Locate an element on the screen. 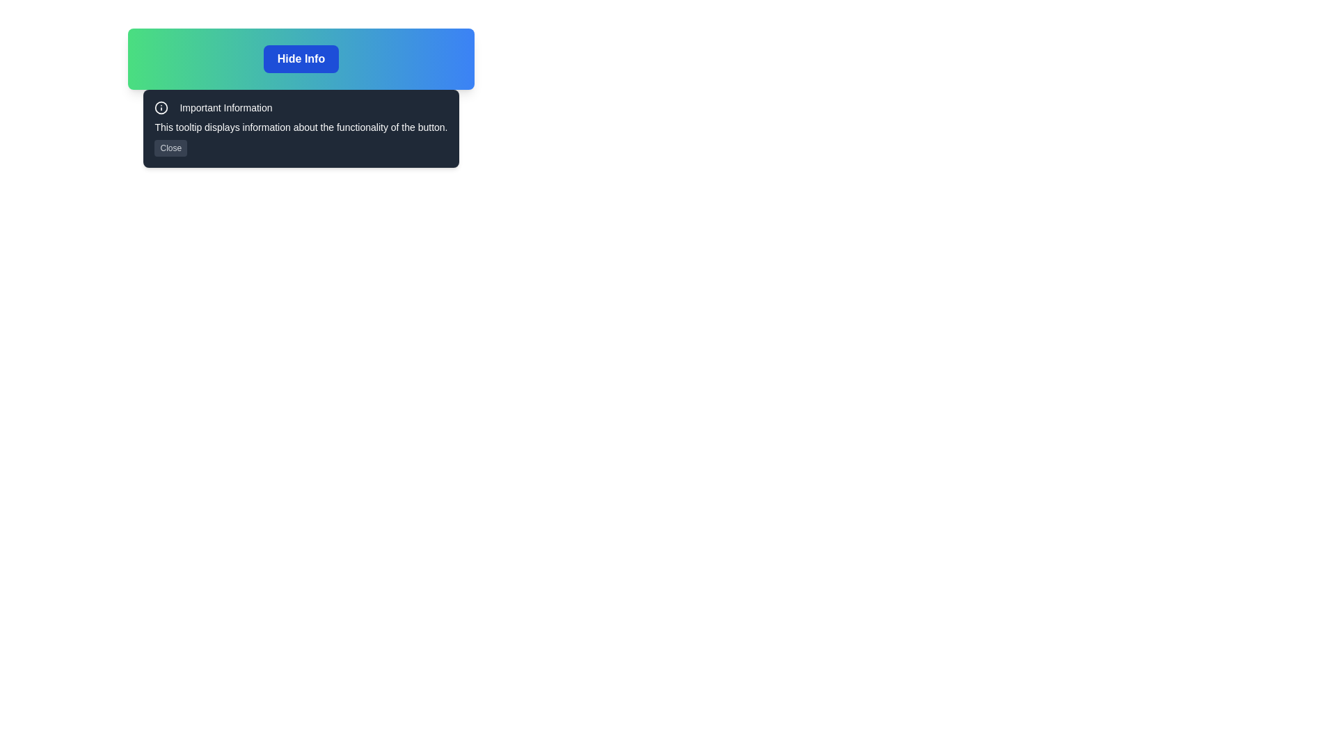 This screenshot has width=1336, height=752. the Text Label that displays 'Important Information', which is located below the 'Hide Info' button and to the right of the informational icon is located at coordinates (226, 107).